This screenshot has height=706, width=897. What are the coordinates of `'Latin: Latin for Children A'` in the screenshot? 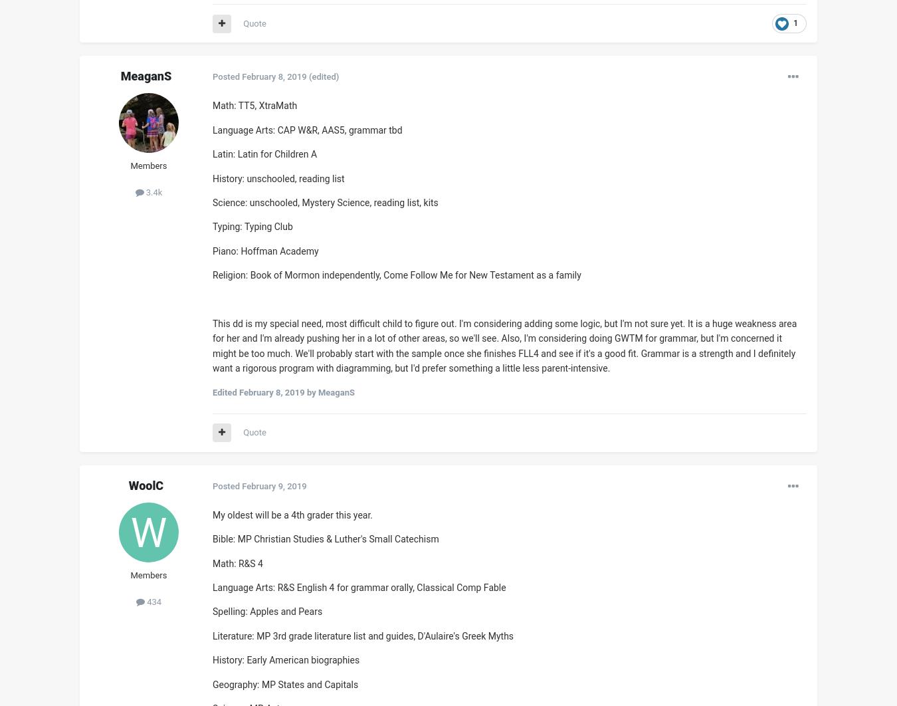 It's located at (211, 154).